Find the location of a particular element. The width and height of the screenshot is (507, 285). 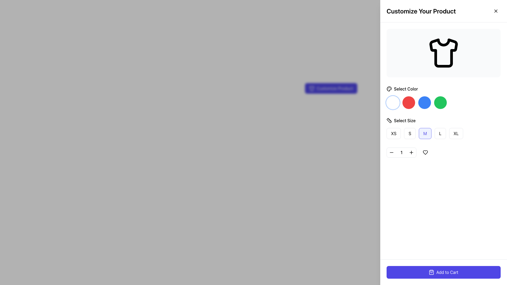

the icon-based button located at the bottom of the product customization section, to the right of the quantity adjustment buttons is located at coordinates (425, 153).